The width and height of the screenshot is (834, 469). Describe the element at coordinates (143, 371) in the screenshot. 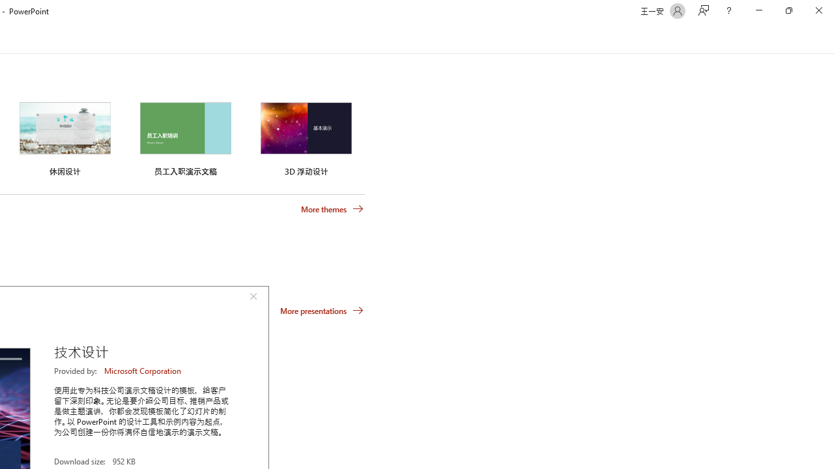

I see `'Microsoft Corporation'` at that location.